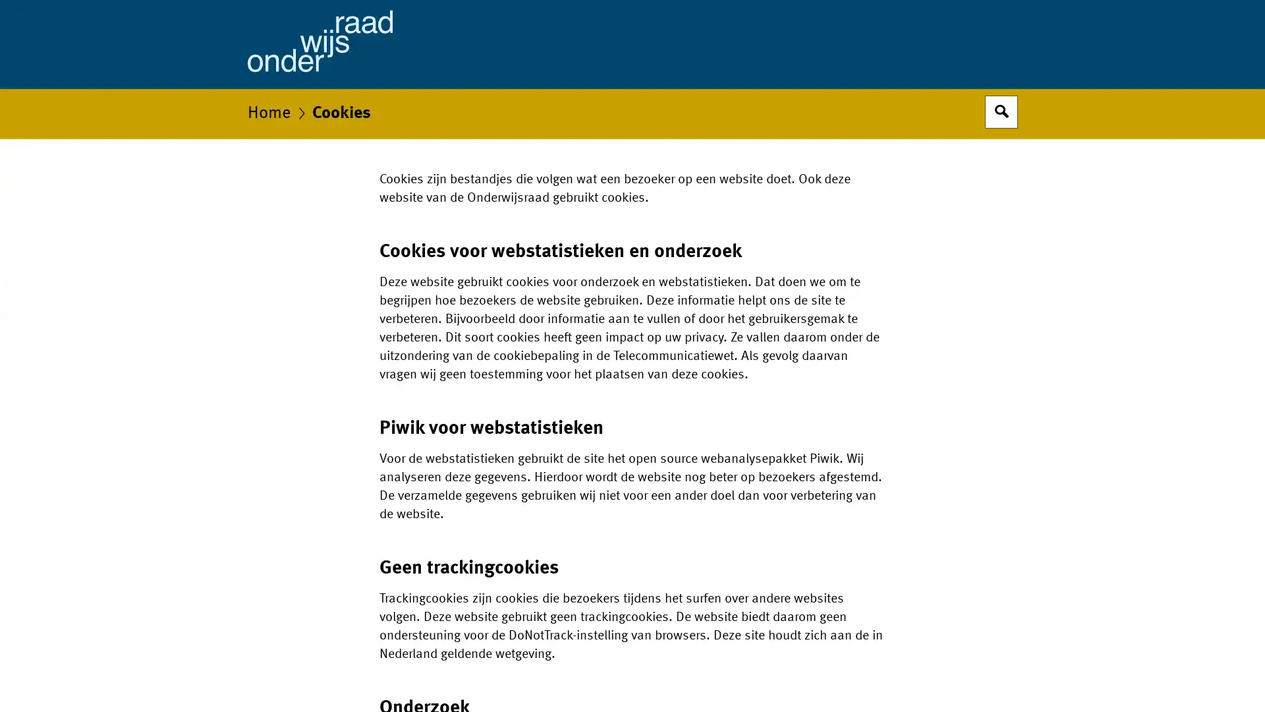 This screenshot has width=1265, height=712. What do you see at coordinates (1001, 111) in the screenshot?
I see `Open zoekveld` at bounding box center [1001, 111].